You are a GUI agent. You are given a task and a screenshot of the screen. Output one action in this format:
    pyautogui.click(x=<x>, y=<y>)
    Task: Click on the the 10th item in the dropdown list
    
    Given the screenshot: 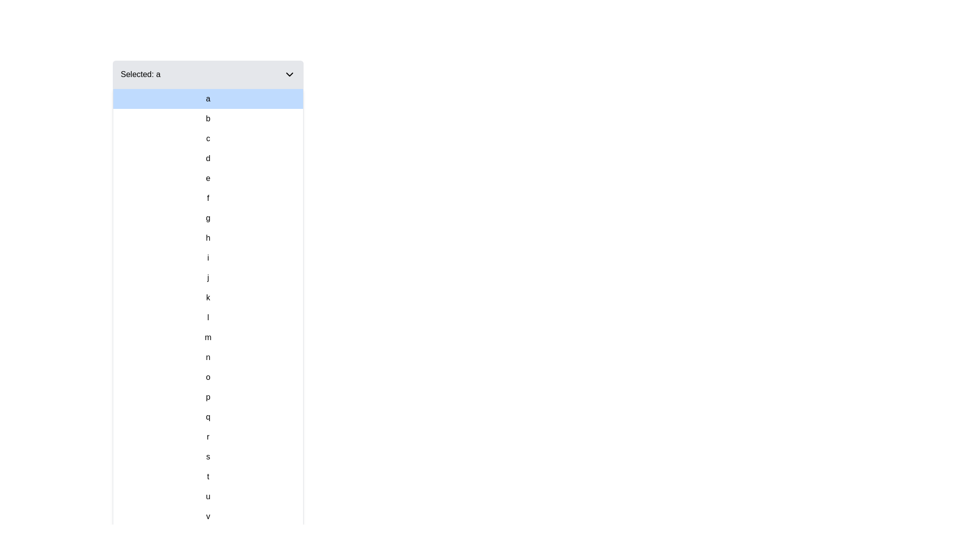 What is the action you would take?
    pyautogui.click(x=207, y=278)
    